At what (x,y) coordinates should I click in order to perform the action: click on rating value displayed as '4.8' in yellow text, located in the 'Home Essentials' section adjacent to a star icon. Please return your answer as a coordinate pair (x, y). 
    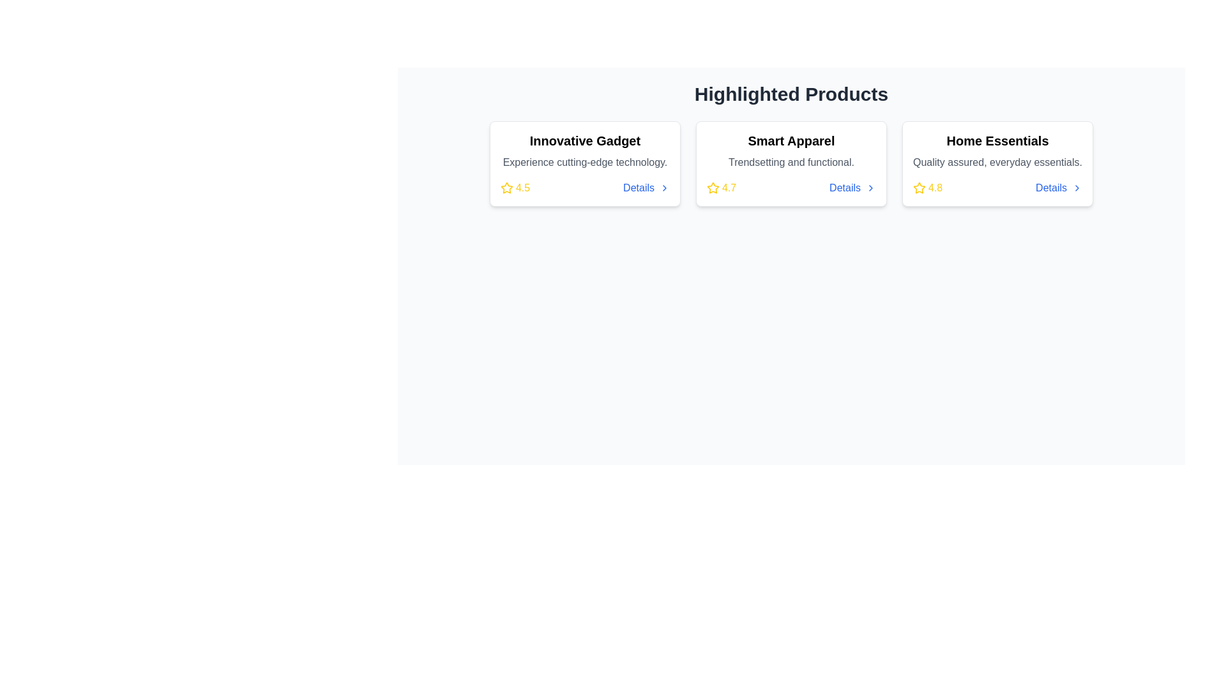
    Looking at the image, I should click on (935, 188).